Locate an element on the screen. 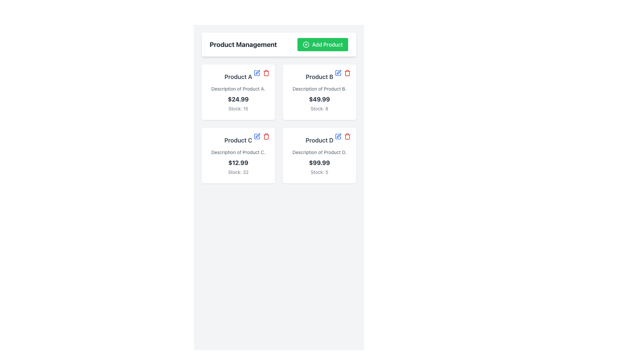  the pen icon button located at the top-right corner of the card for 'Product C' is located at coordinates (257, 135).